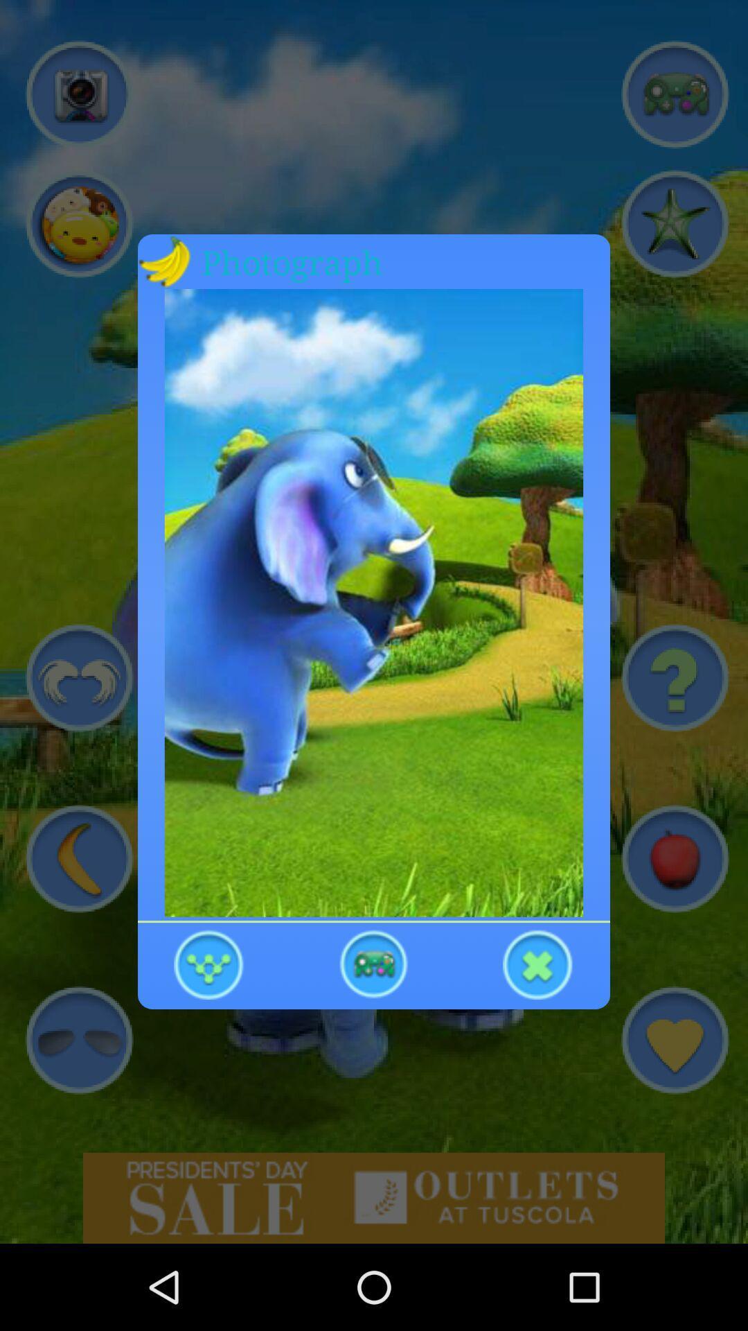  I want to click on exit screen, so click(537, 963).